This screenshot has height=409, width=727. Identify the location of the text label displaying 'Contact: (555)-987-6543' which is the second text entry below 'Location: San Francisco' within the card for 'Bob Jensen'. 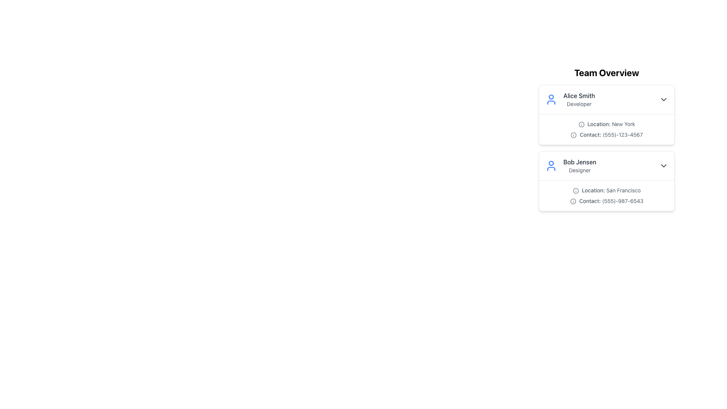
(607, 201).